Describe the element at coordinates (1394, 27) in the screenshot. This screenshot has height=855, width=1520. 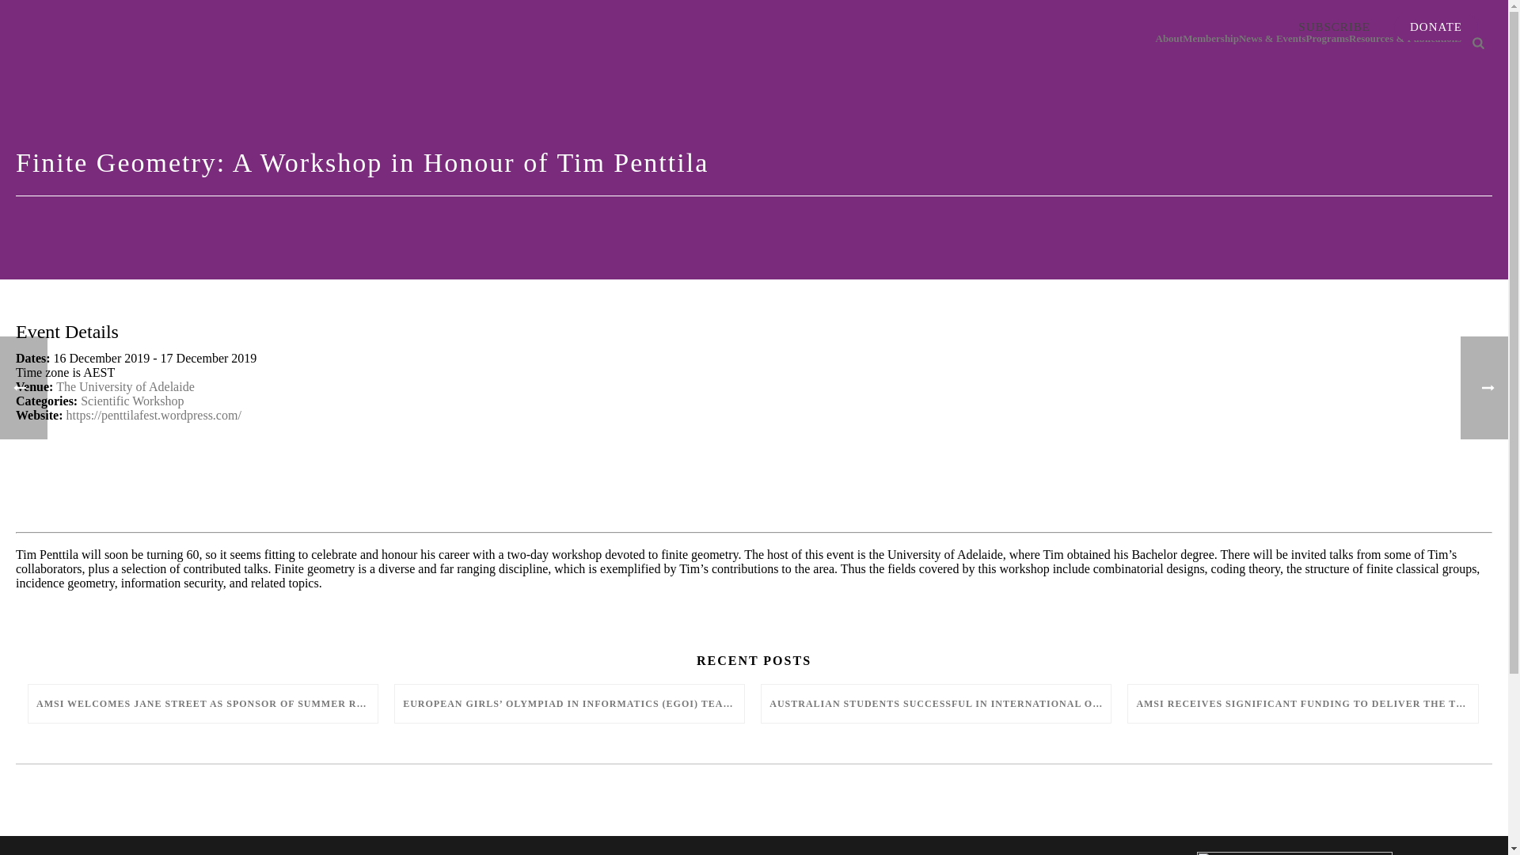
I see `'DONATE'` at that location.